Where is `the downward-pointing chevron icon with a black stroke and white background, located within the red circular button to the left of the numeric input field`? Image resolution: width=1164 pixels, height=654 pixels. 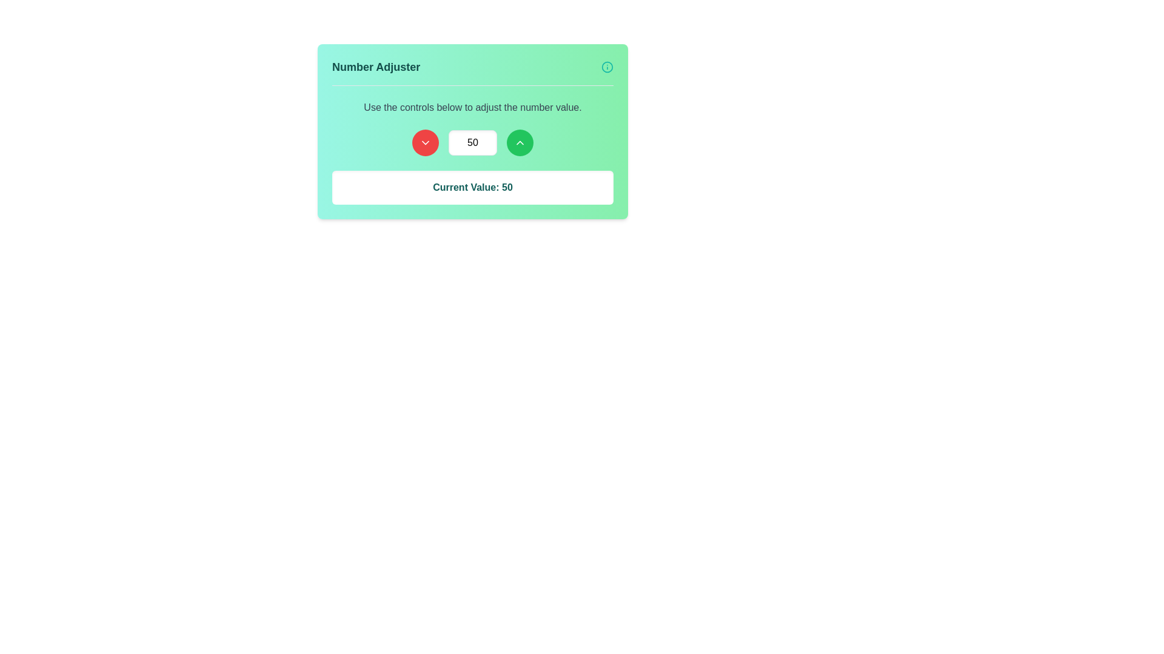
the downward-pointing chevron icon with a black stroke and white background, located within the red circular button to the left of the numeric input field is located at coordinates (425, 142).